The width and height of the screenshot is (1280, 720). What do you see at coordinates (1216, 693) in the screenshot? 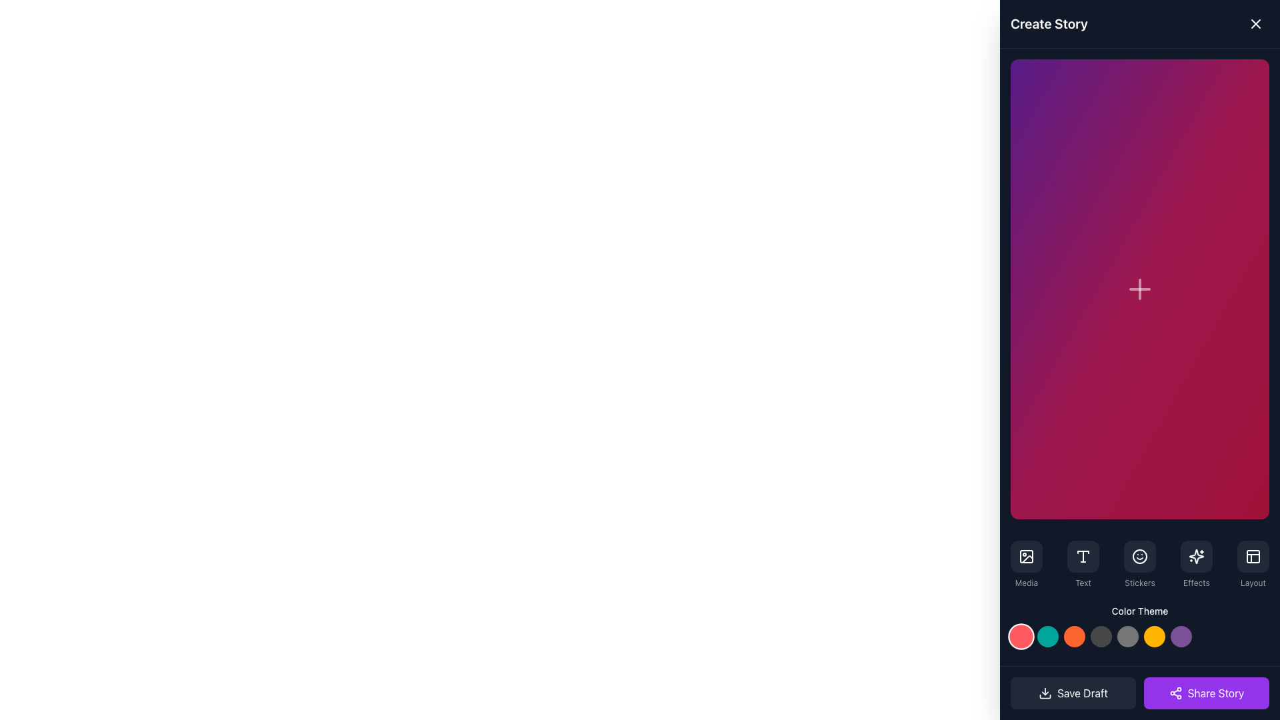
I see `the text label within the purple button located at the bottom-right corner of the interface` at bounding box center [1216, 693].